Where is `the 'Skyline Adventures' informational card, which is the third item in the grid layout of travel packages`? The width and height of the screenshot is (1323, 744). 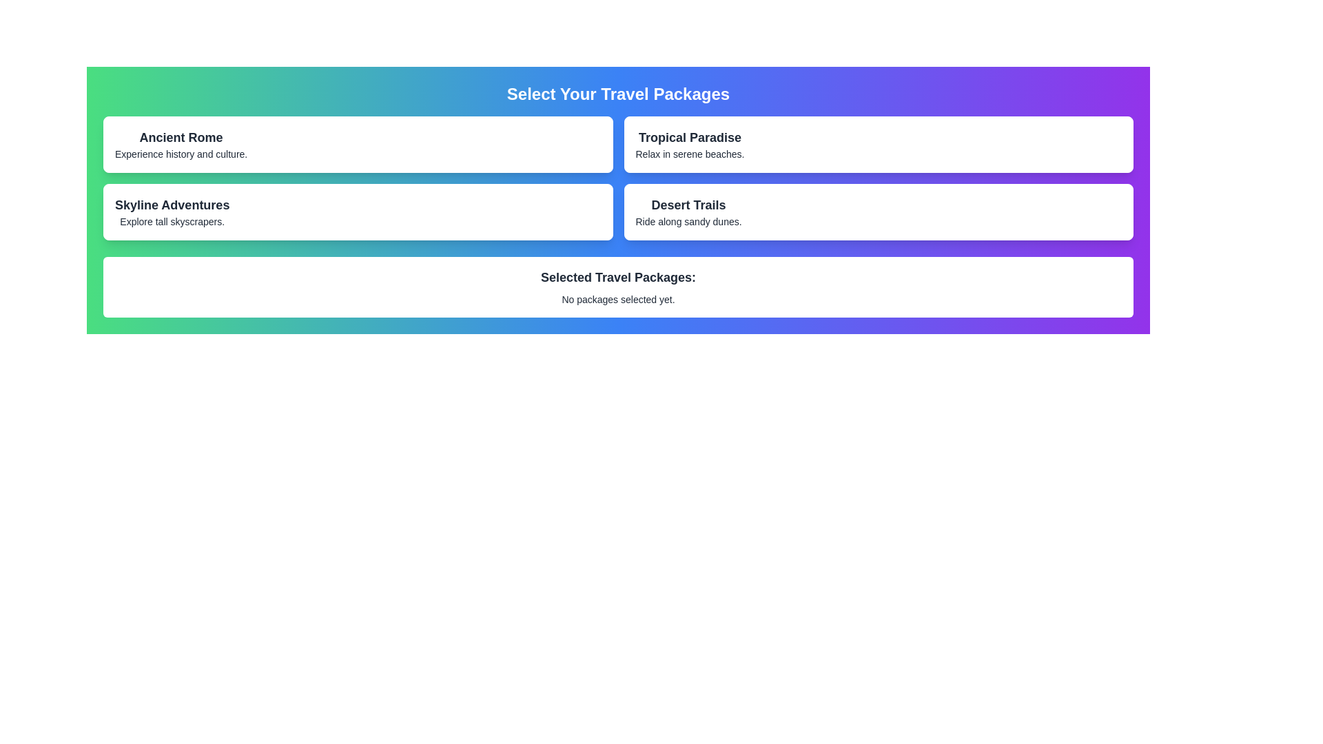 the 'Skyline Adventures' informational card, which is the third item in the grid layout of travel packages is located at coordinates (358, 212).